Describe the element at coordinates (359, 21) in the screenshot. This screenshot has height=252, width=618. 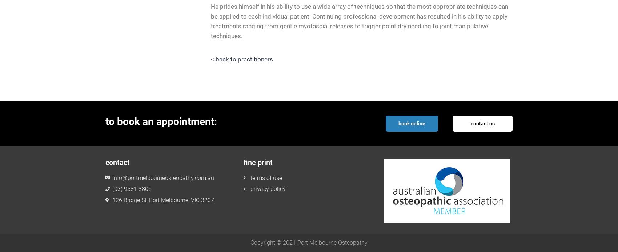
I see `'He prides himself in his ability to use a wide array of techniques so that the most appropriate techniques can be applied to each individual patient. Continuing professional development has resulted in his ability to apply treatments ranging from gentle myofascial releases to trigger point dry needling to joint manipulative techniques.'` at that location.